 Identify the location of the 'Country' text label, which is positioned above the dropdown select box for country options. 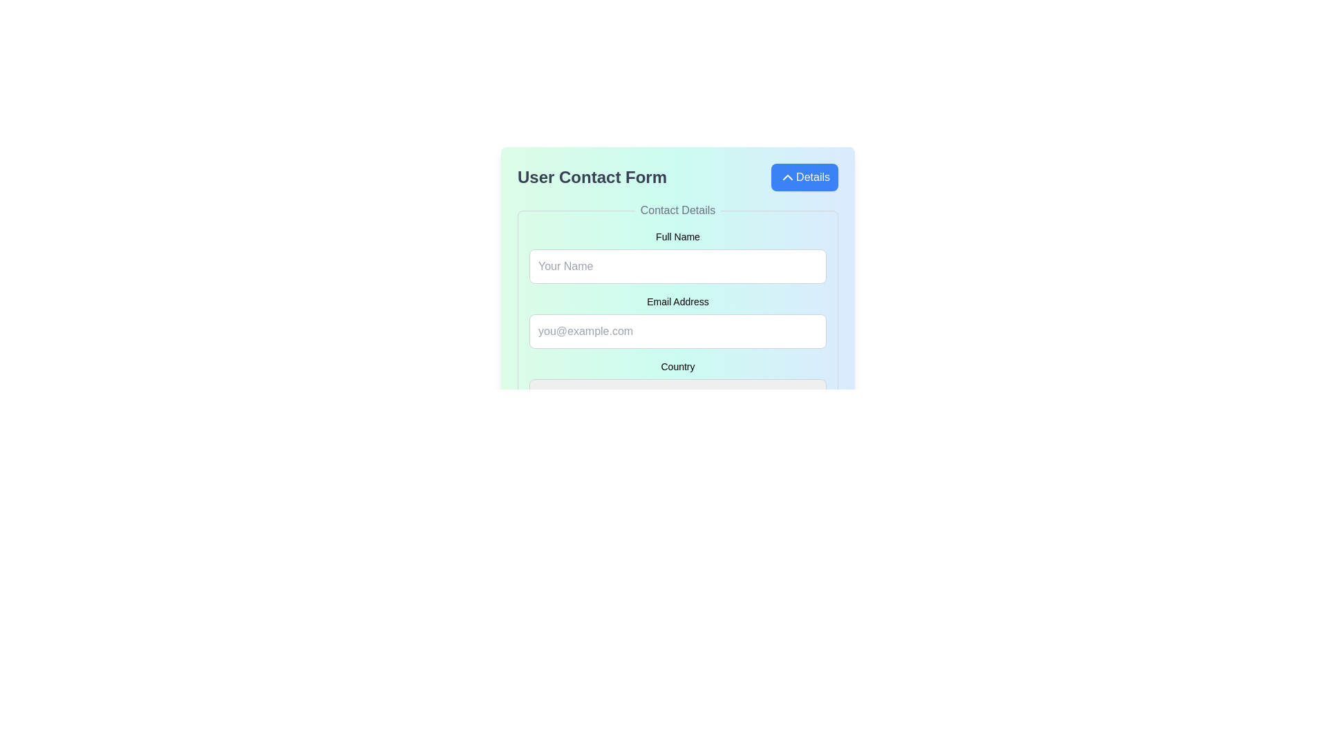
(677, 366).